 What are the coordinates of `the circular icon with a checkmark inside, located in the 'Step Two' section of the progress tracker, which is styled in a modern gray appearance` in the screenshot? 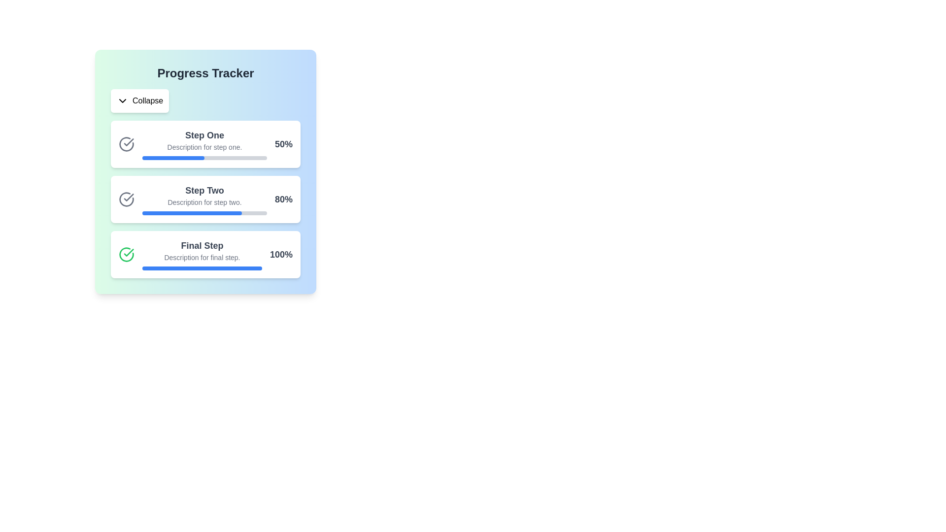 It's located at (126, 199).